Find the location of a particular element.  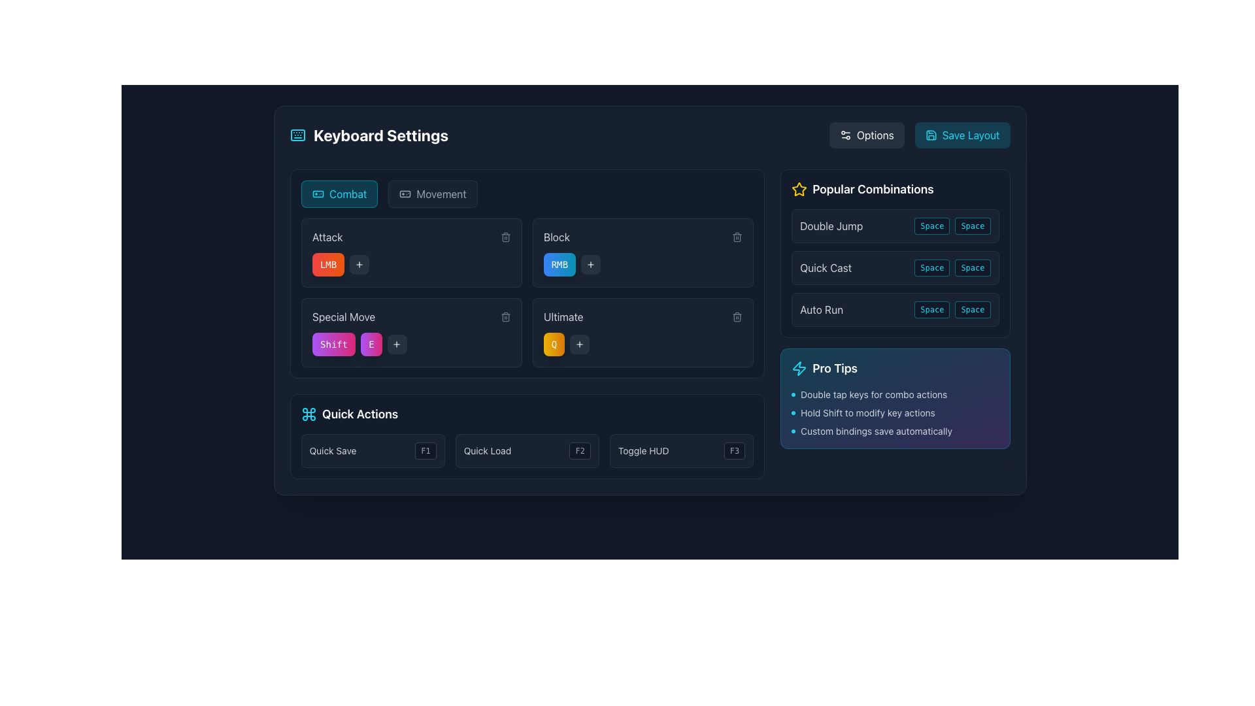

the second 'Space' button in the 'Double Jump' row under the 'Popular Combinations' section is located at coordinates (973, 226).